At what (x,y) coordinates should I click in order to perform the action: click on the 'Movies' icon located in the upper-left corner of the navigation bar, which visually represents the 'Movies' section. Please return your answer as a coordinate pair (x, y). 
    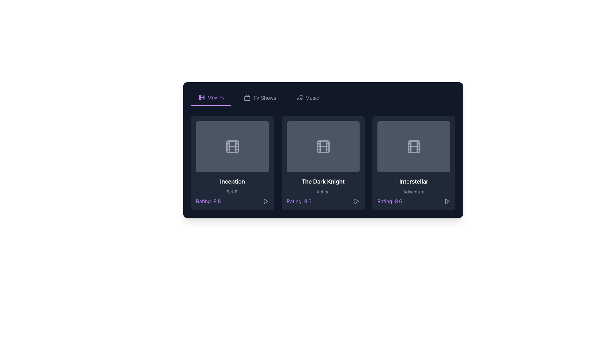
    Looking at the image, I should click on (201, 98).